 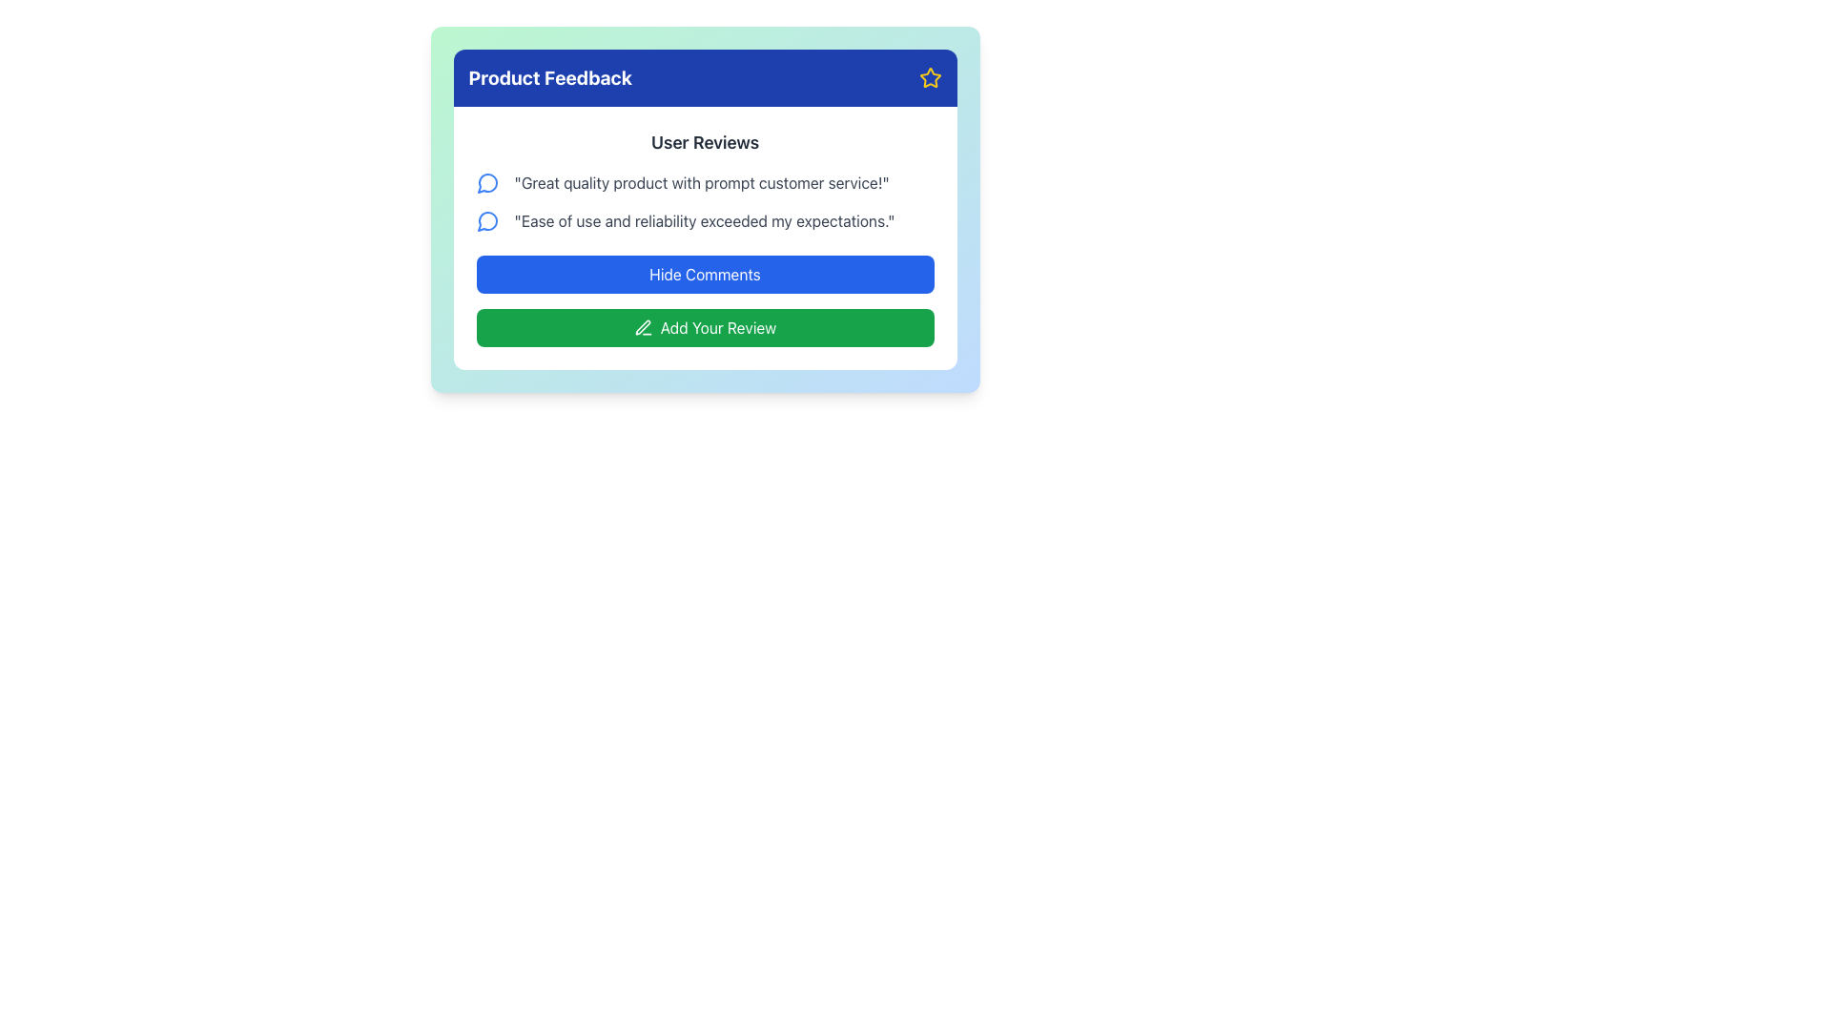 I want to click on the 'Product Feedback' header label, which is a bold, large white text on a blue background, located at the top-left corner of the blue bar, so click(x=549, y=76).